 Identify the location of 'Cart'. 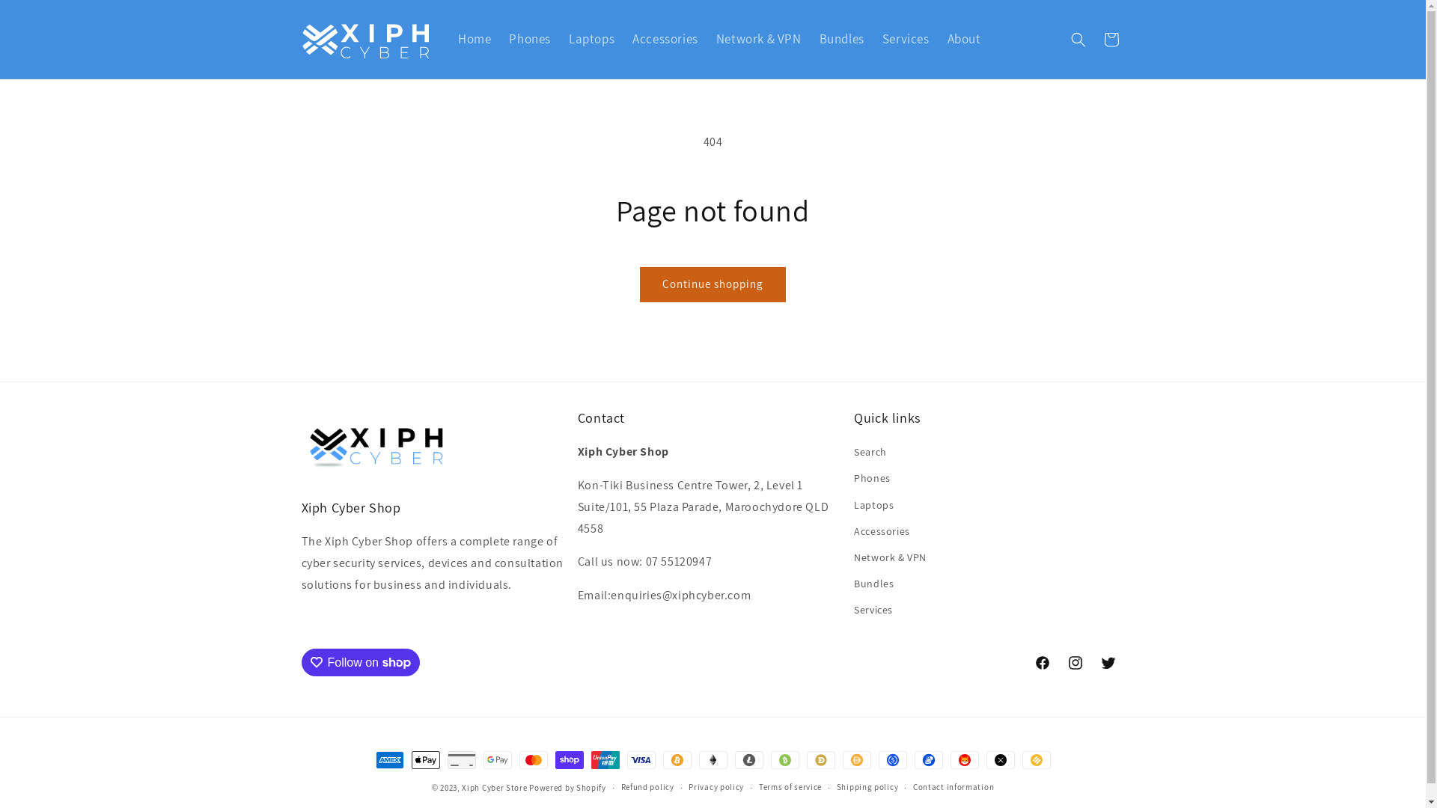
(1110, 39).